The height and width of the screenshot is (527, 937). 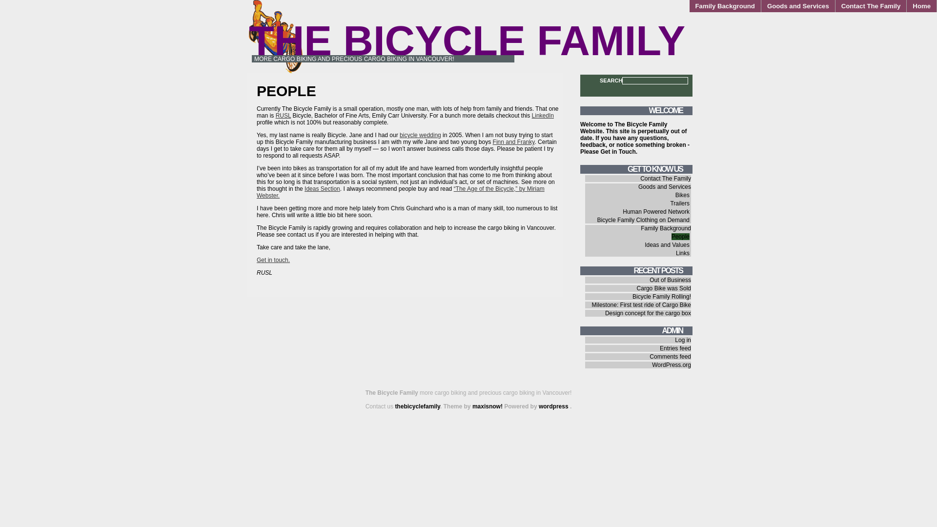 I want to click on 'Ideas and Values', so click(x=667, y=244).